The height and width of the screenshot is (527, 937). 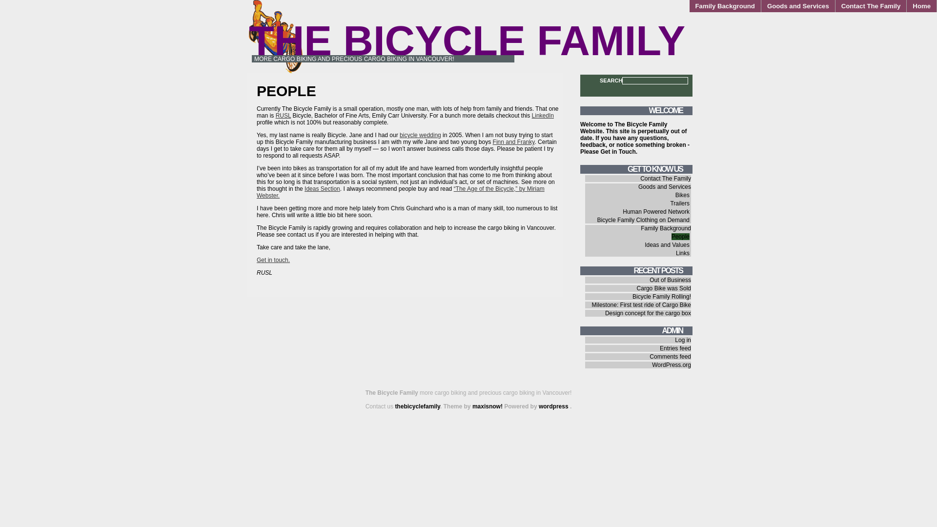 I want to click on 'Ideas and Values', so click(x=667, y=244).